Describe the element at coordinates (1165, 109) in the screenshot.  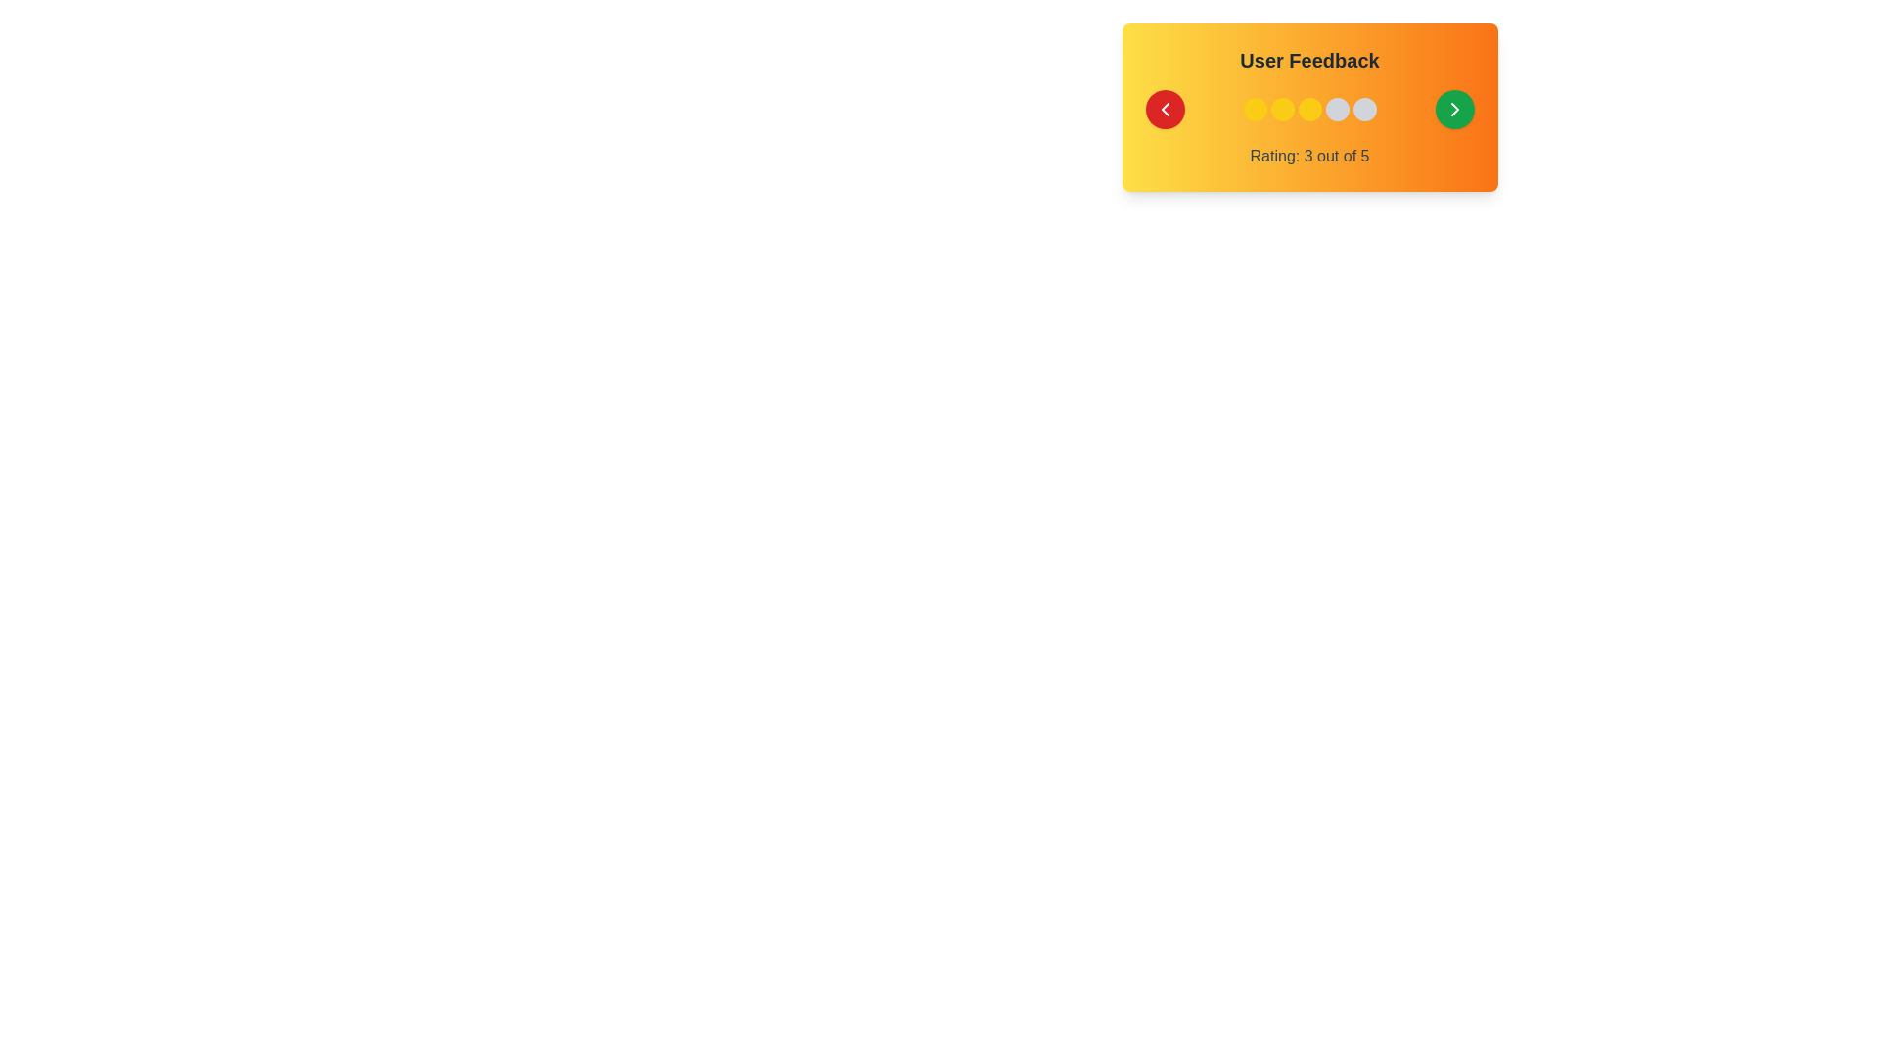
I see `the red rounded Icon button located at the leftmost side of the feedback interface` at that location.